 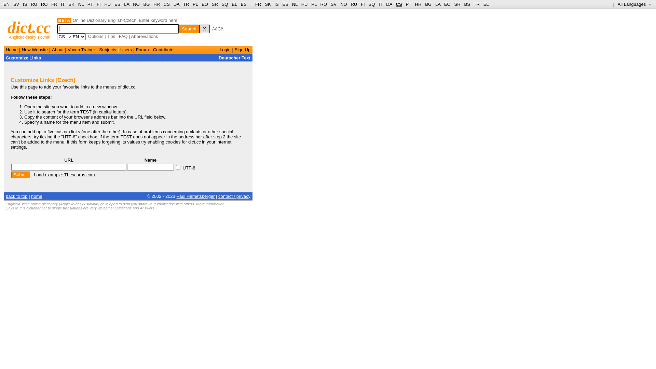 I want to click on 'BS', so click(x=244, y=4).